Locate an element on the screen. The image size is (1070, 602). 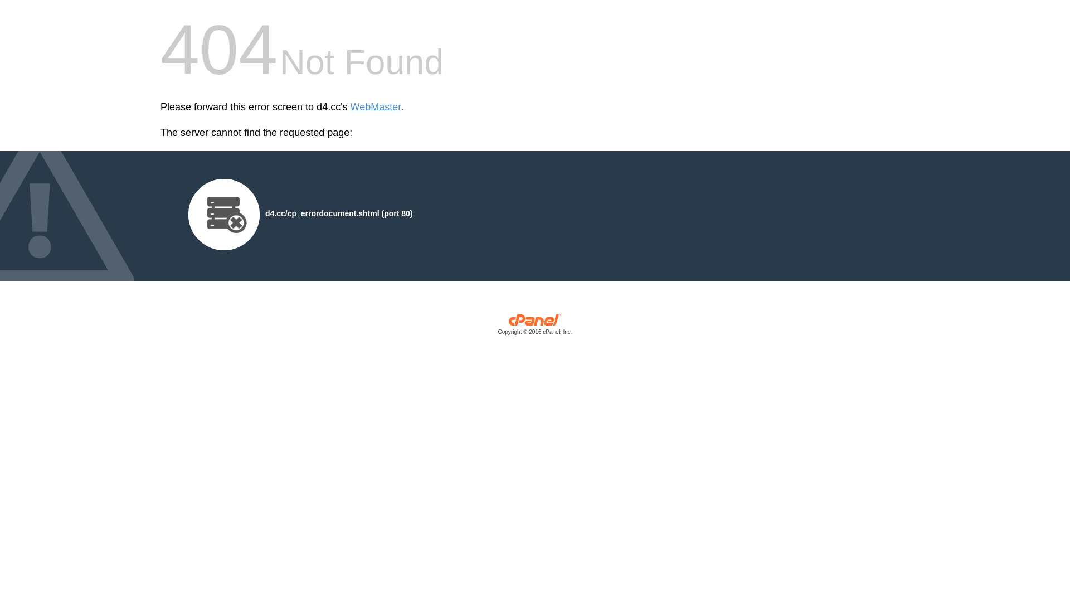
'WebMaster' is located at coordinates (376, 107).